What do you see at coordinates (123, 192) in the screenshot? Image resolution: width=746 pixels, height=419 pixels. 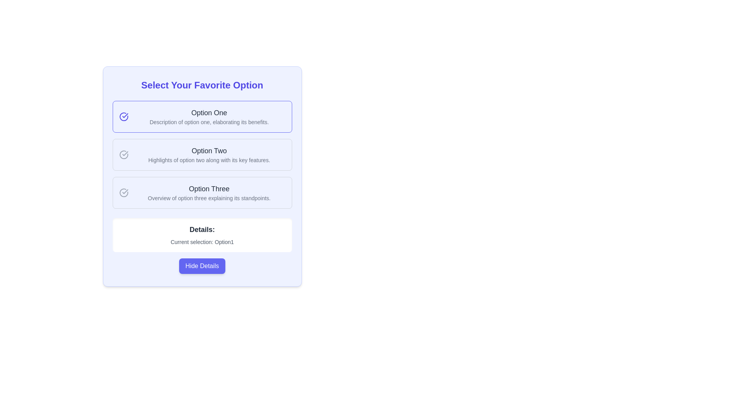 I see `the icon indicating the state of 'Option Three', which is located in the leftmost position of the 'Option Three' row` at bounding box center [123, 192].